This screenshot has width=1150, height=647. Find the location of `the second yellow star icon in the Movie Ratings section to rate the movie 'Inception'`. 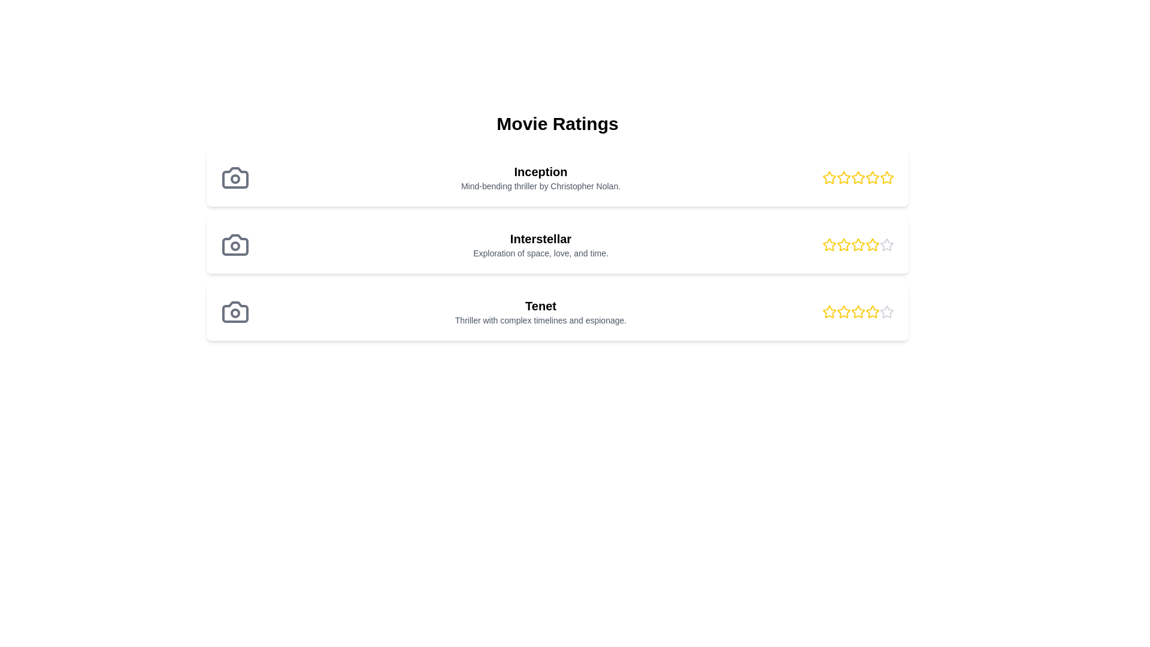

the second yellow star icon in the Movie Ratings section to rate the movie 'Inception' is located at coordinates (843, 178).